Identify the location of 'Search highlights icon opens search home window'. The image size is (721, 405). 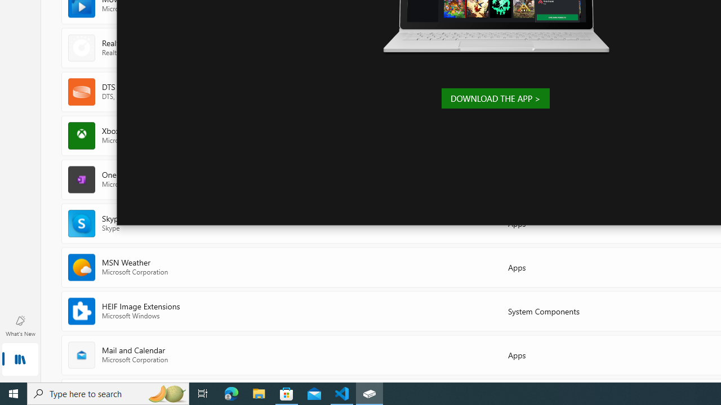
(166, 393).